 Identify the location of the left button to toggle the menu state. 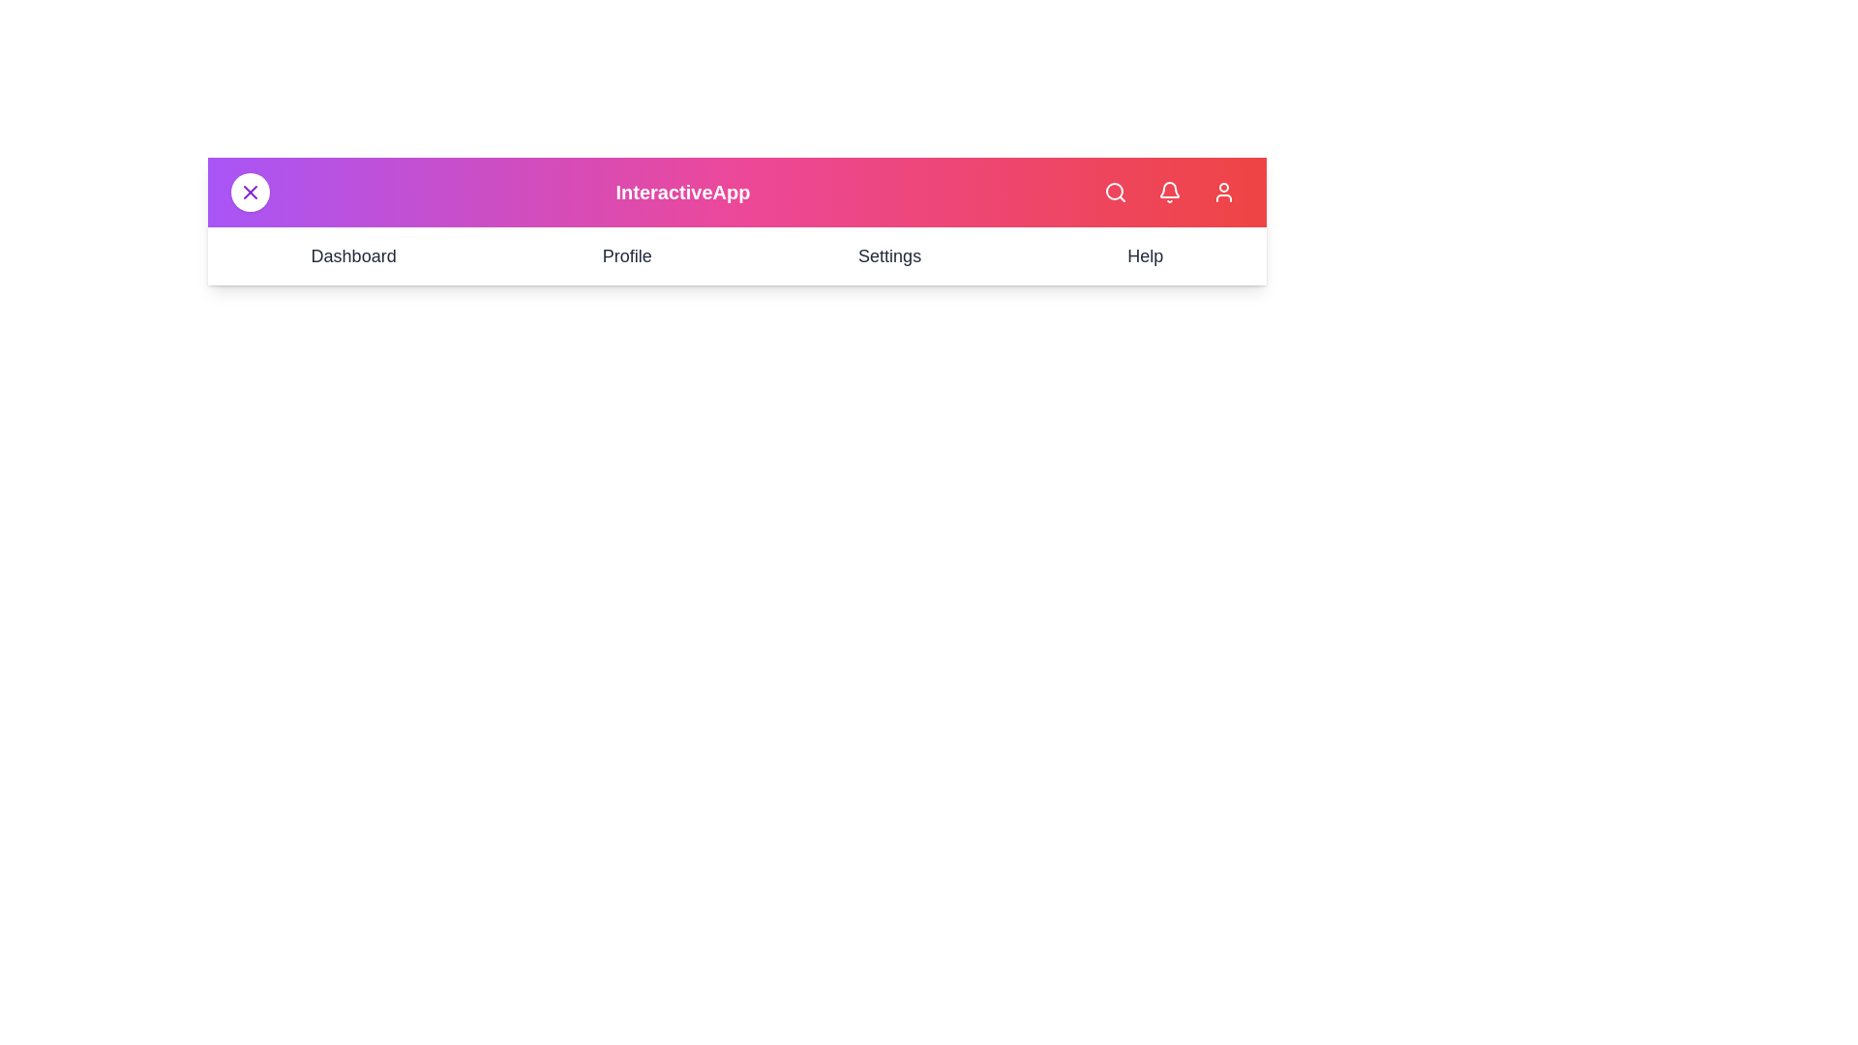
(250, 193).